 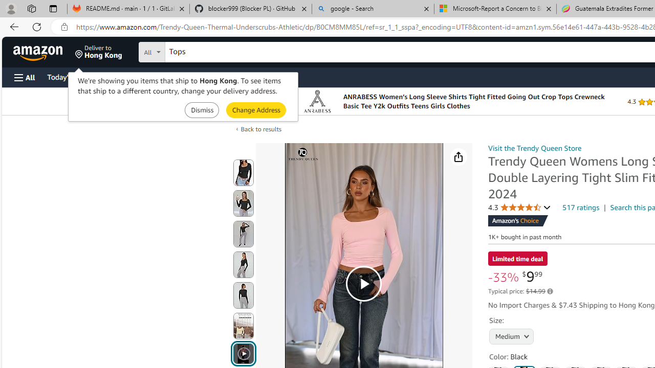 What do you see at coordinates (581, 207) in the screenshot?
I see `'517 ratings'` at bounding box center [581, 207].